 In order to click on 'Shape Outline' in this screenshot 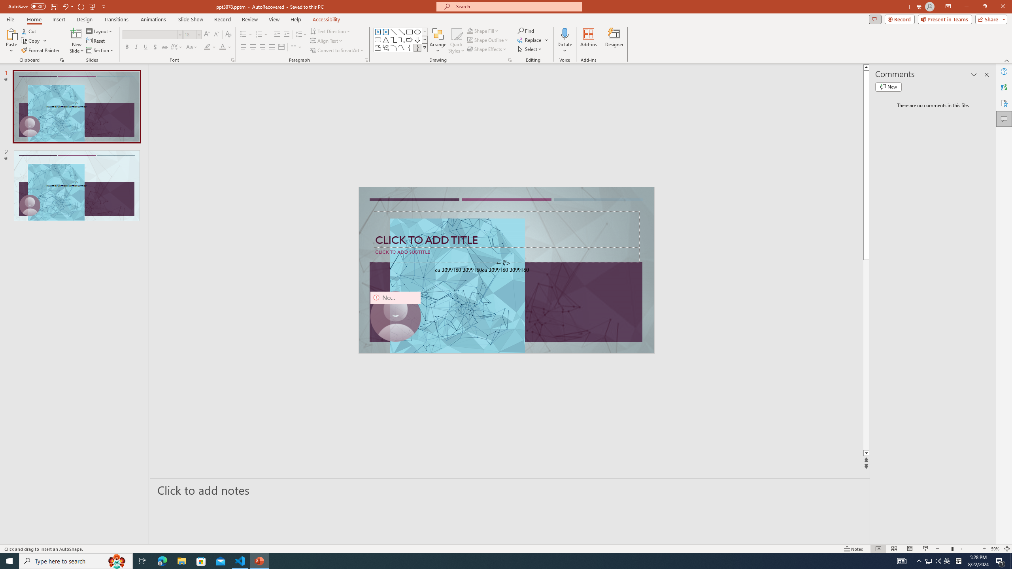, I will do `click(487, 39)`.